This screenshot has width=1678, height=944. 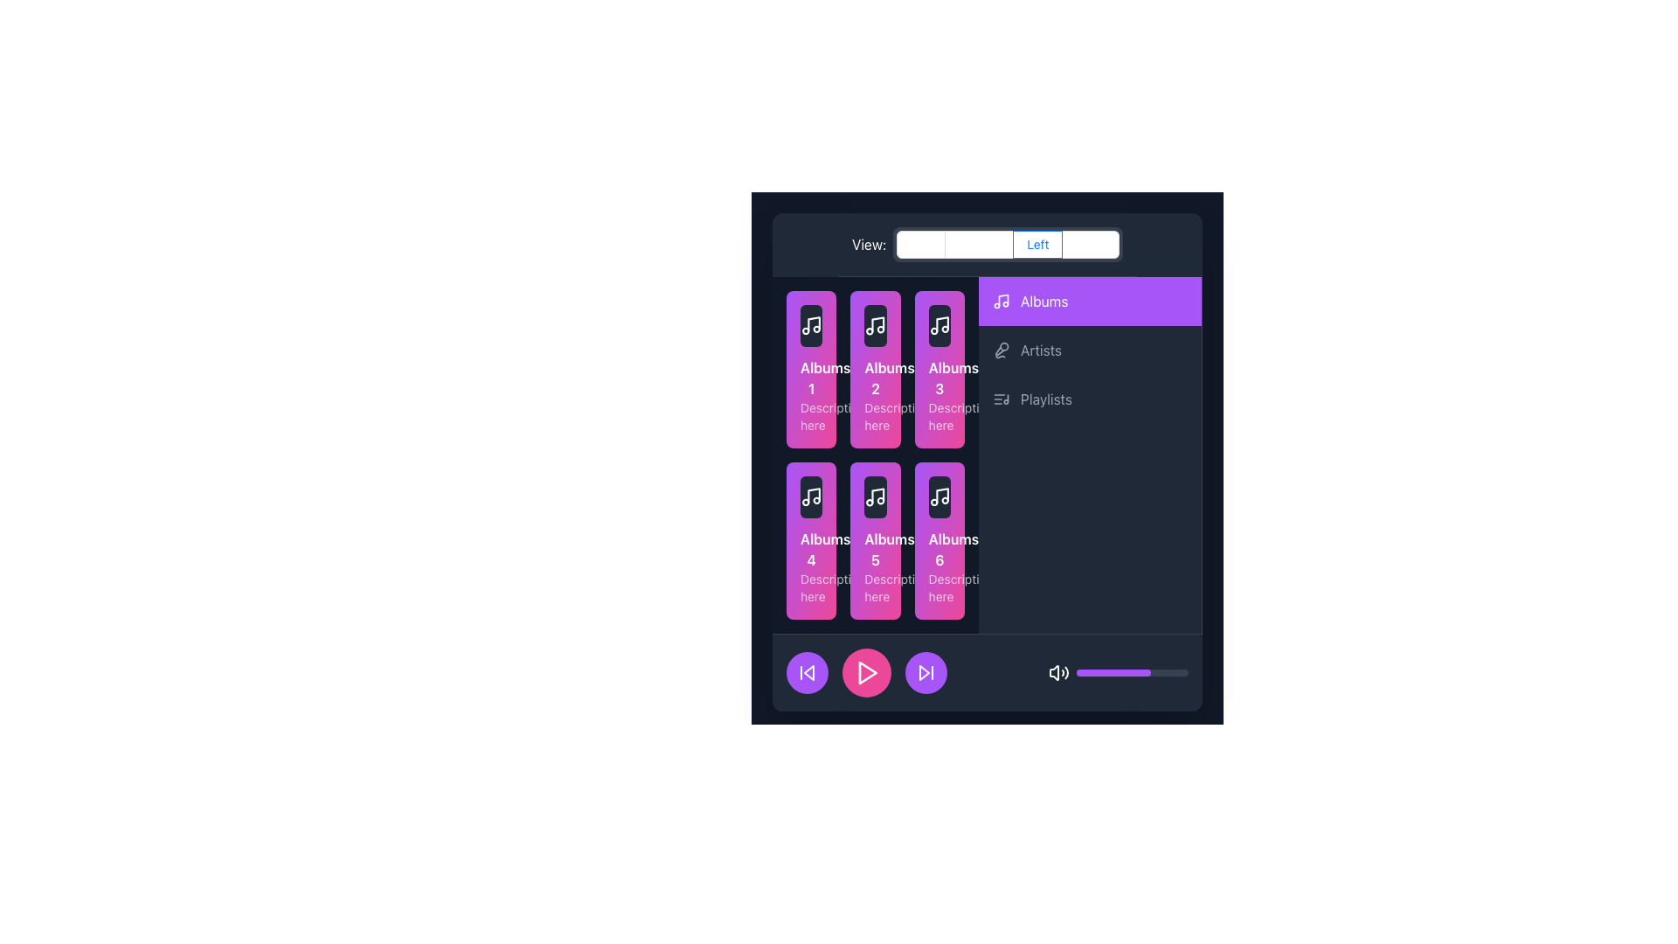 What do you see at coordinates (1134, 672) in the screenshot?
I see `the volume level` at bounding box center [1134, 672].